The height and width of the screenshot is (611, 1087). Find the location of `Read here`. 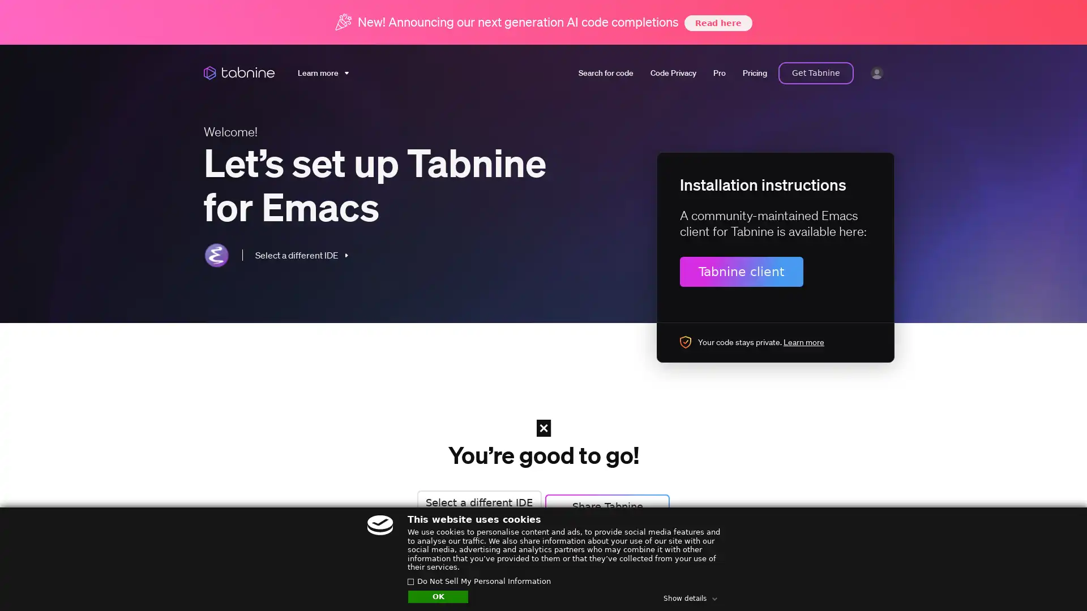

Read here is located at coordinates (717, 22).